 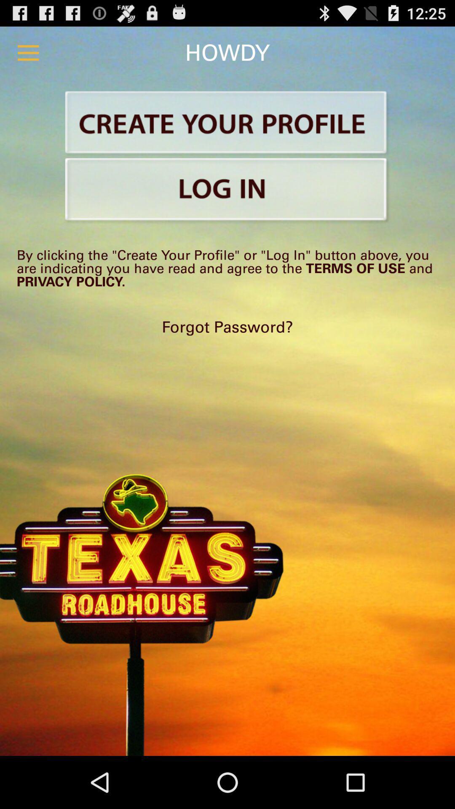 What do you see at coordinates (227, 123) in the screenshot?
I see `the item below the howdy item` at bounding box center [227, 123].